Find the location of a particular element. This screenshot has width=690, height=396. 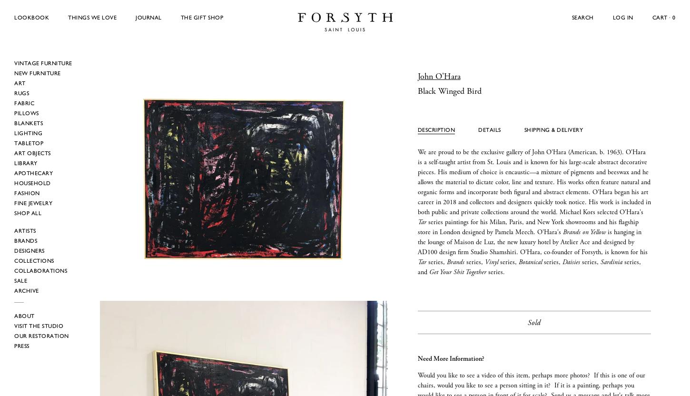

'Sold' is located at coordinates (533, 322).